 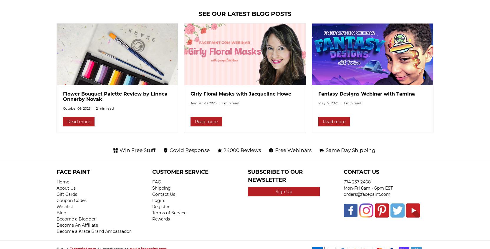 What do you see at coordinates (56, 172) in the screenshot?
I see `'FACE PAINT'` at bounding box center [56, 172].